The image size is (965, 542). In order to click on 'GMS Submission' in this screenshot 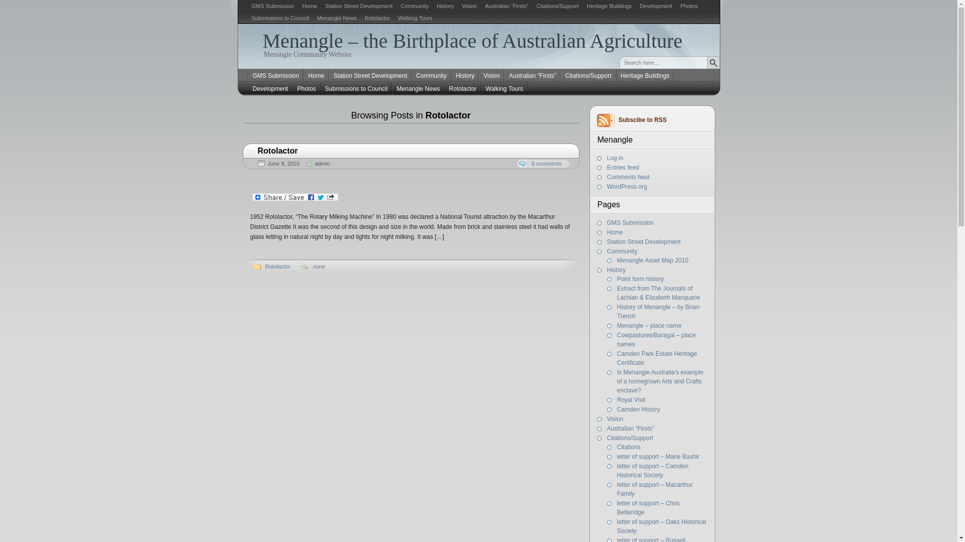, I will do `click(275, 75)`.